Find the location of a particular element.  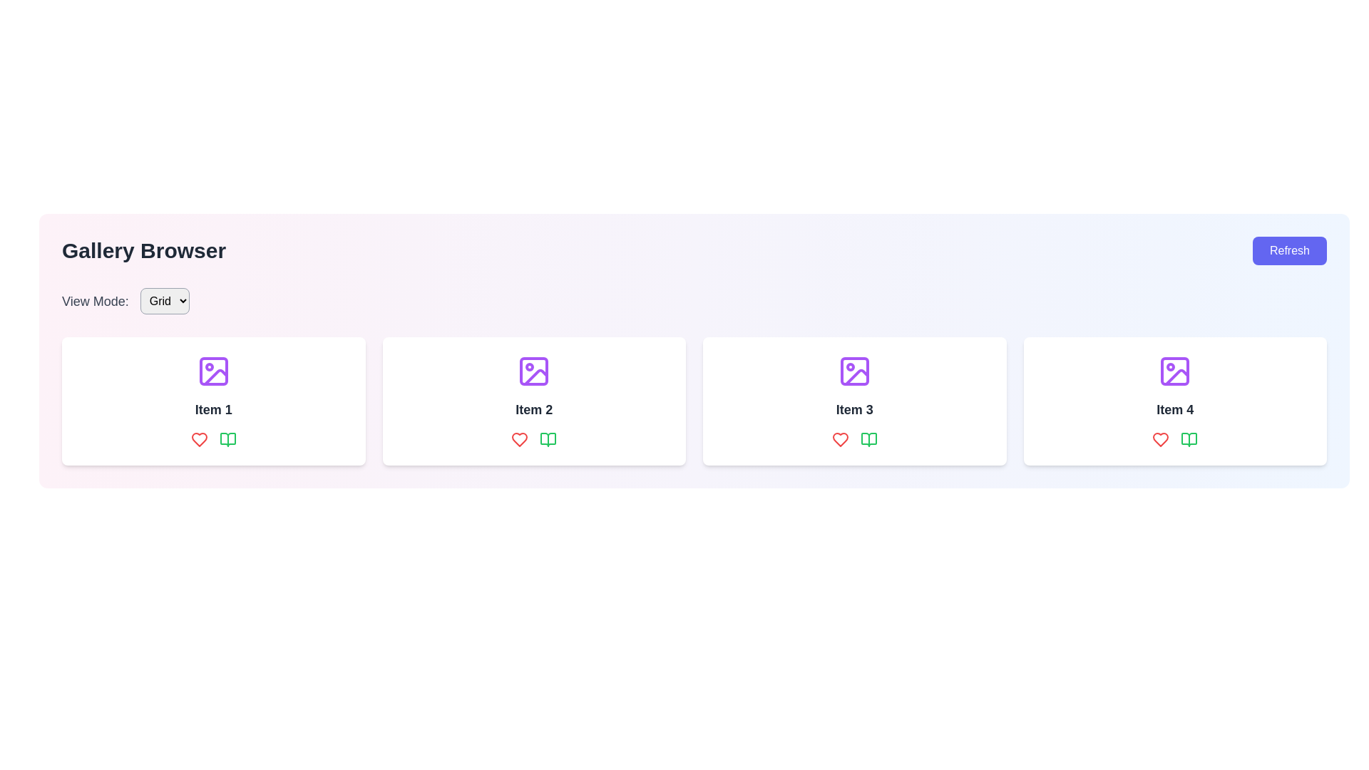

the icon within the button located at the bottom-right corner of the 'Item 3' card in the gallery layout to possibly reveal additional information is located at coordinates (868, 439).